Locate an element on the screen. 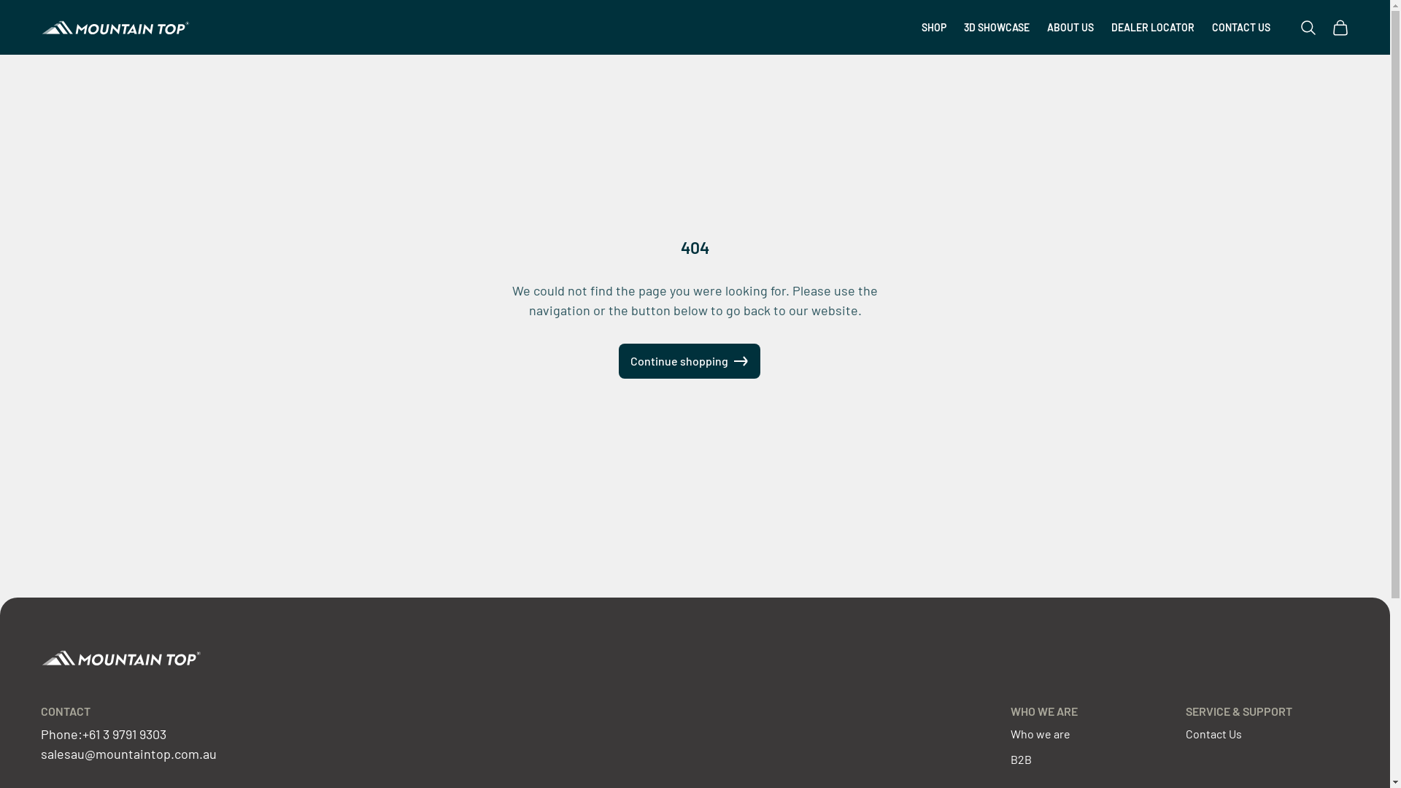 The width and height of the screenshot is (1401, 788). 'Contact Us' is located at coordinates (1186, 733).